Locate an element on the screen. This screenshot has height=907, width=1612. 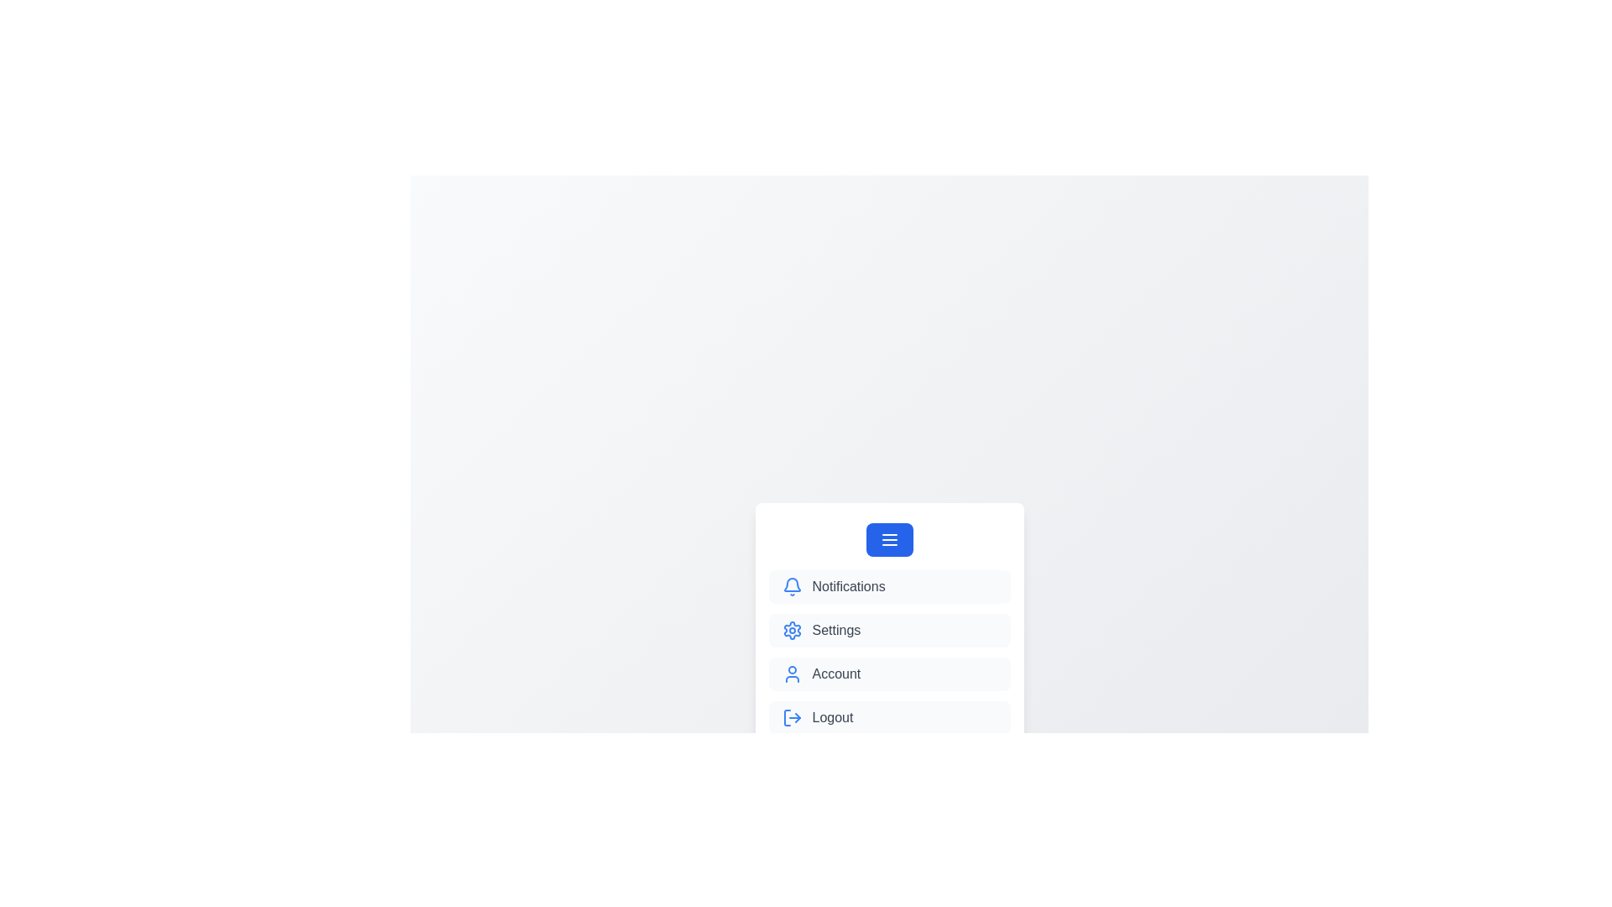
the menu option Account by clicking on it is located at coordinates (888, 673).